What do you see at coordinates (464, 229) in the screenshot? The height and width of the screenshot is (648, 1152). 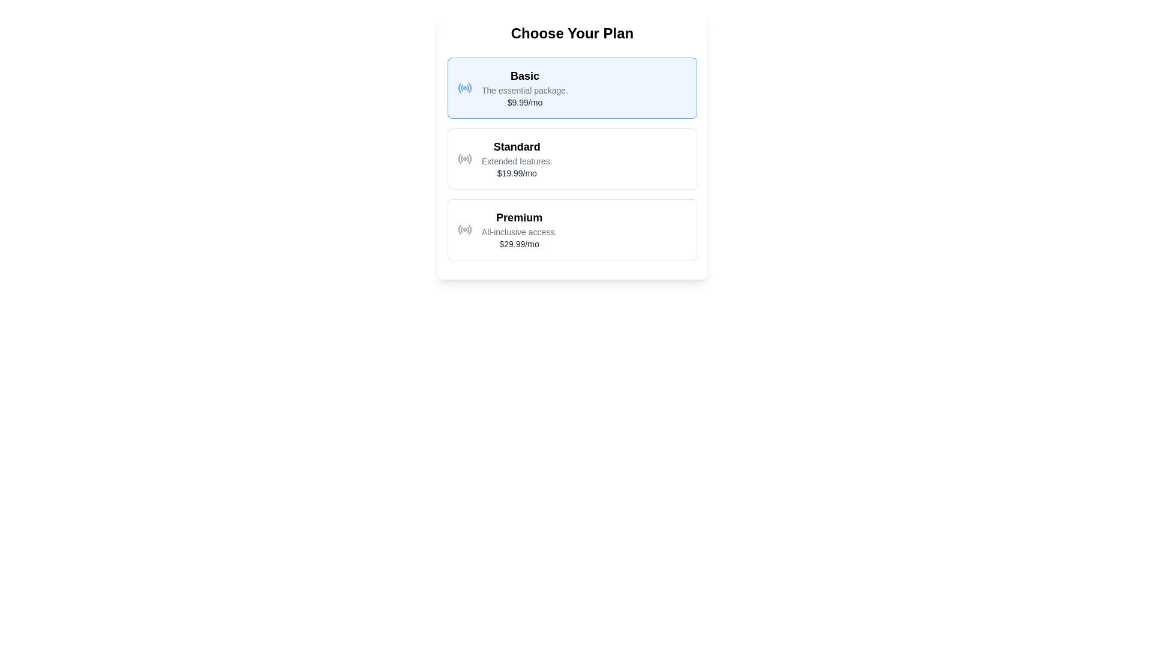 I see `the 'Premium' subscription icon, which is located to the left of the 'Premium' subscription option in the list of plans` at bounding box center [464, 229].